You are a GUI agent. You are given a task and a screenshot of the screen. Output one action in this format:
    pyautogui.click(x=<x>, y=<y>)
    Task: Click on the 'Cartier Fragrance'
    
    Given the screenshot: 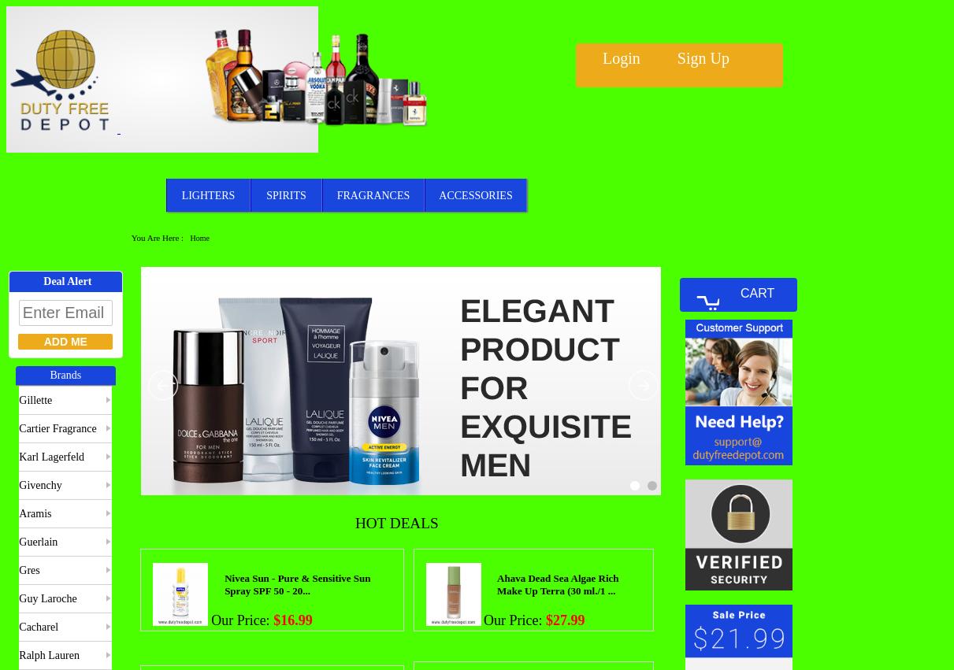 What is the action you would take?
    pyautogui.click(x=57, y=427)
    